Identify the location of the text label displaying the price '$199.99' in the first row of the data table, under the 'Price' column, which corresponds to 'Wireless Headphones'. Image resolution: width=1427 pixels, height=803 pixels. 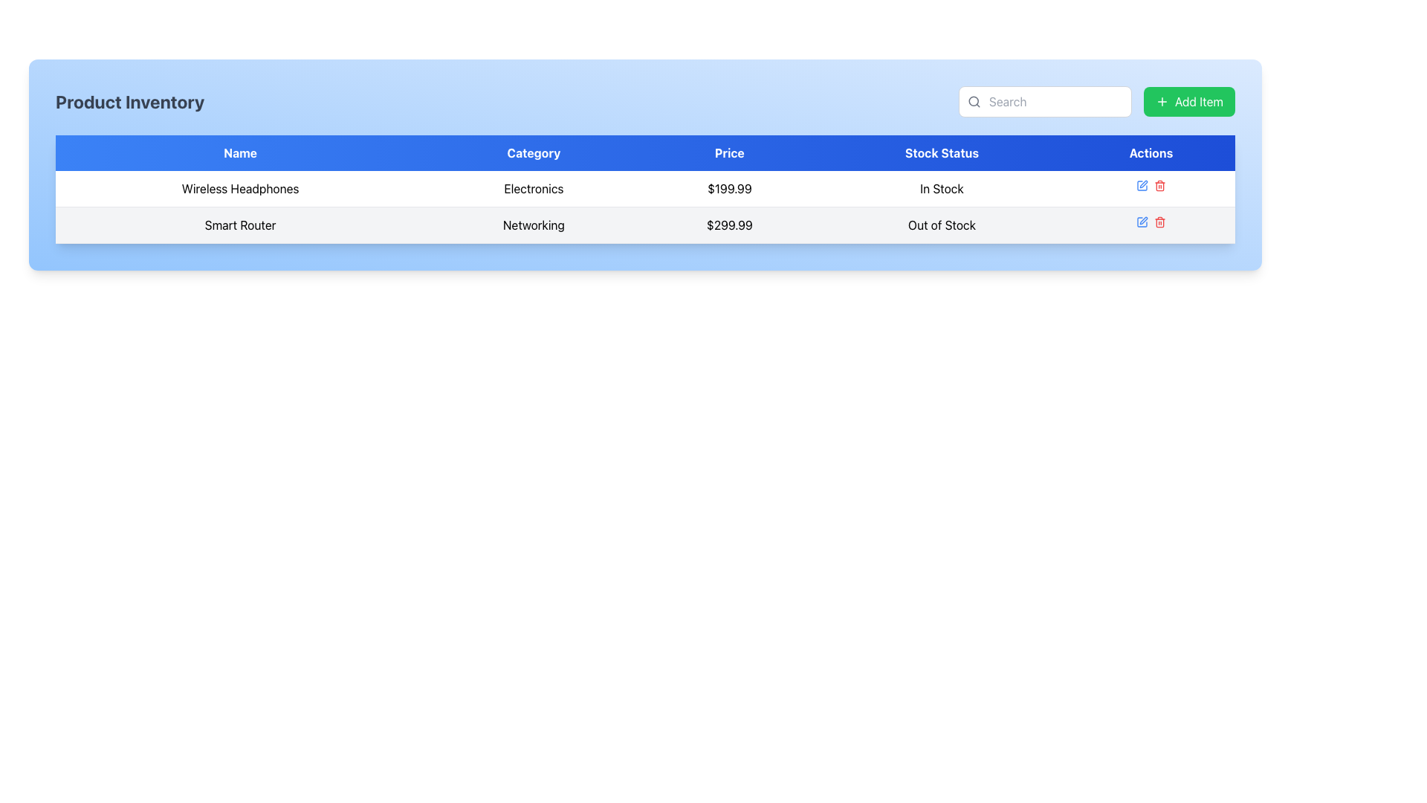
(729, 188).